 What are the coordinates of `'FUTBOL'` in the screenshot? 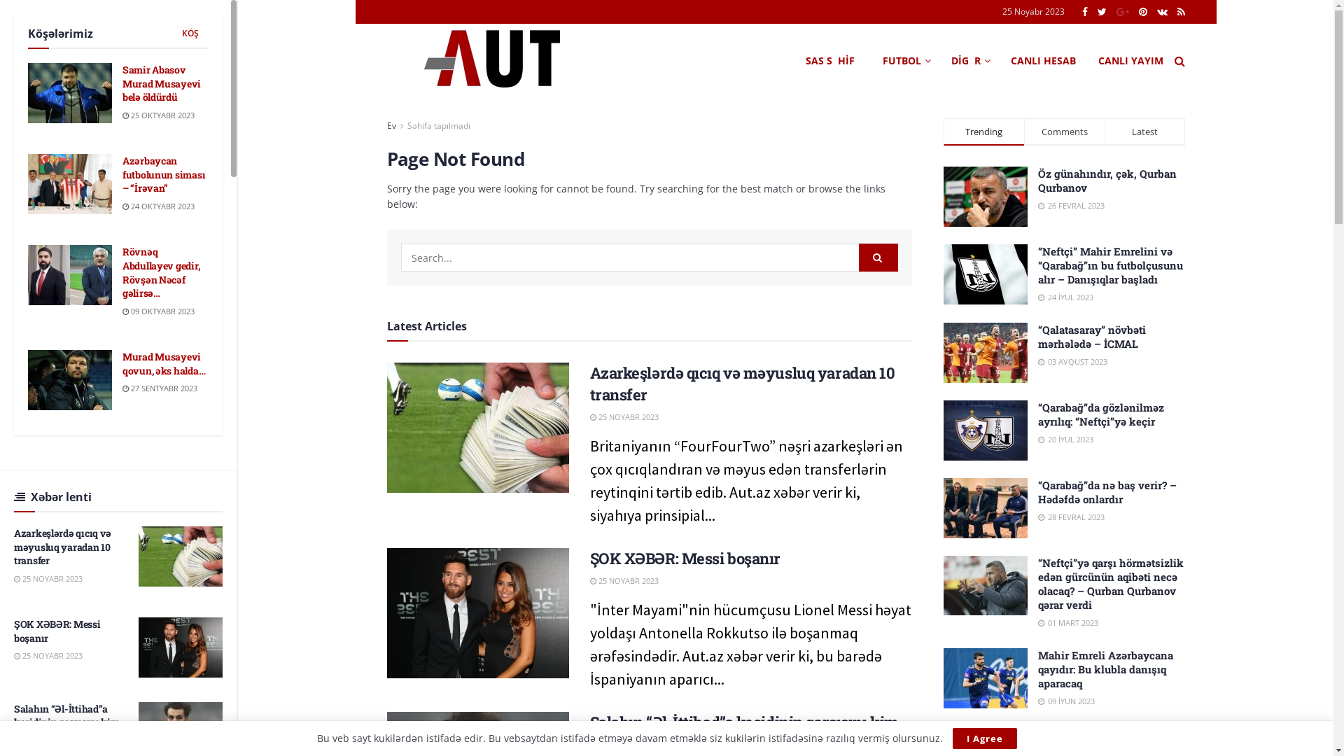 It's located at (904, 60).